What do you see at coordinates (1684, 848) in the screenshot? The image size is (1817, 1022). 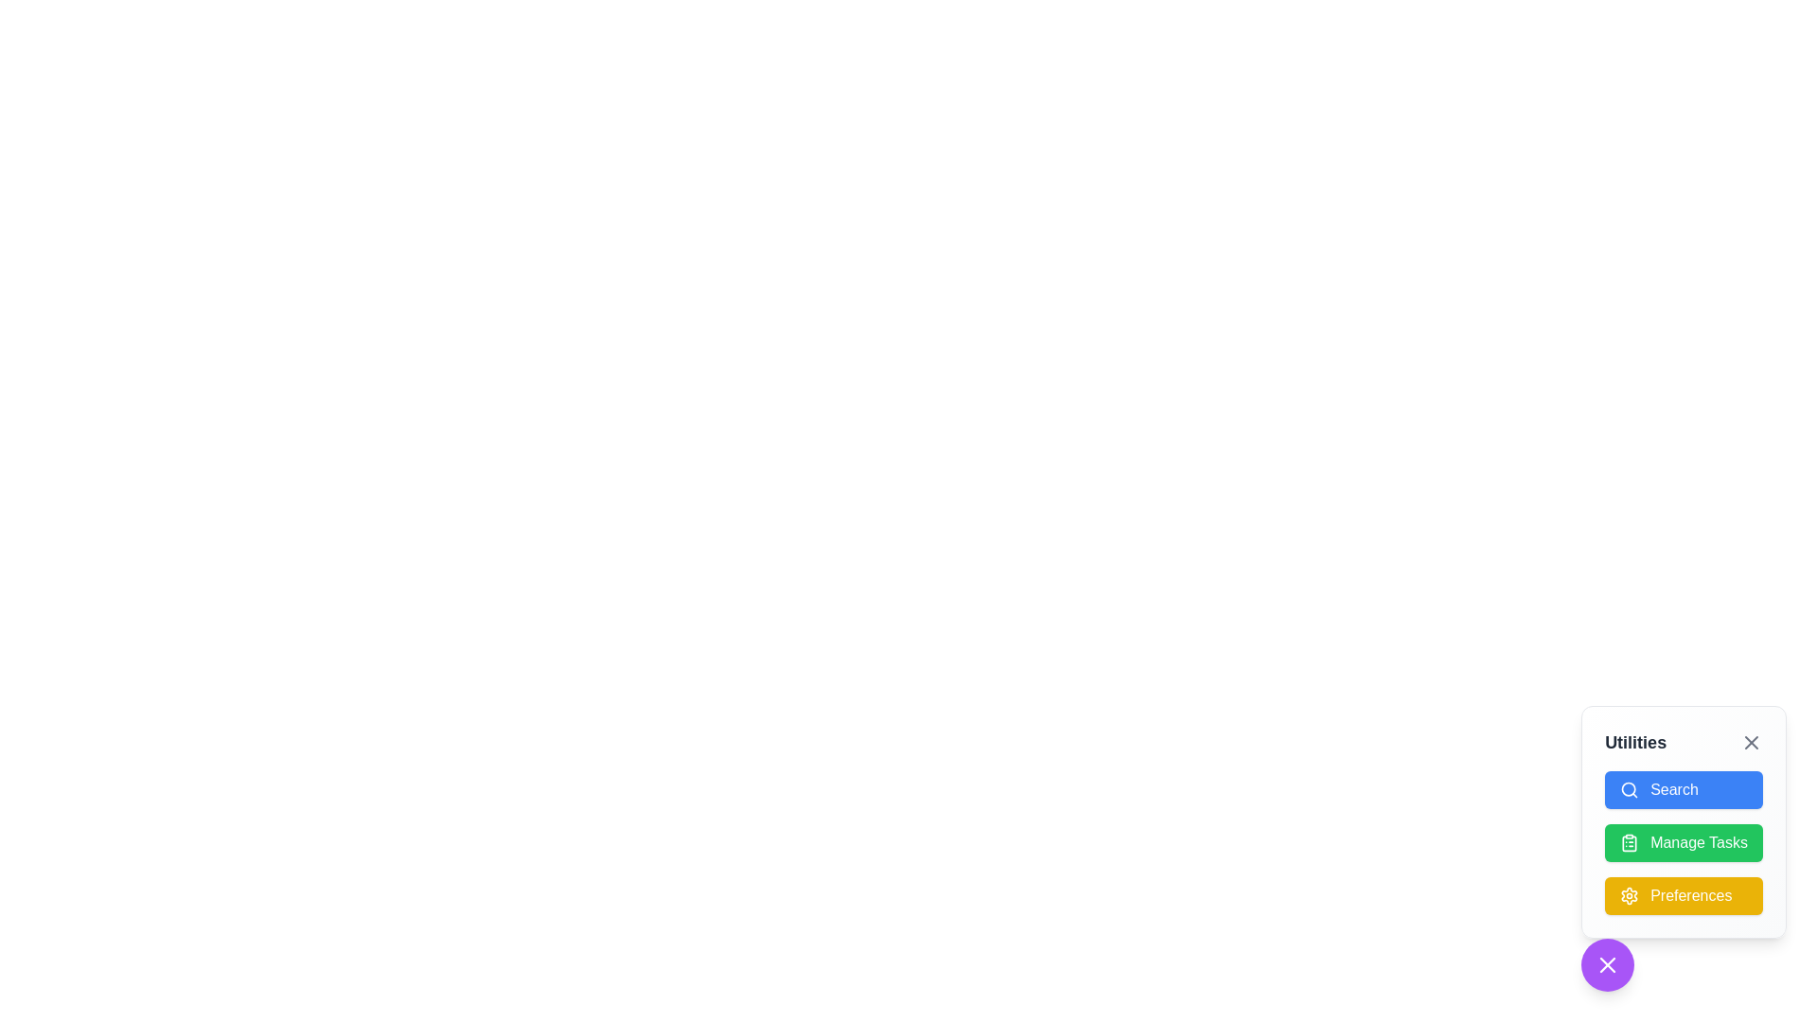 I see `the 'Manage Tasks' button with a green background and rounded edges located in the 'Utilities' popup menu, positioned below the blue 'Search' button and above the yellow 'Preferences' button` at bounding box center [1684, 848].